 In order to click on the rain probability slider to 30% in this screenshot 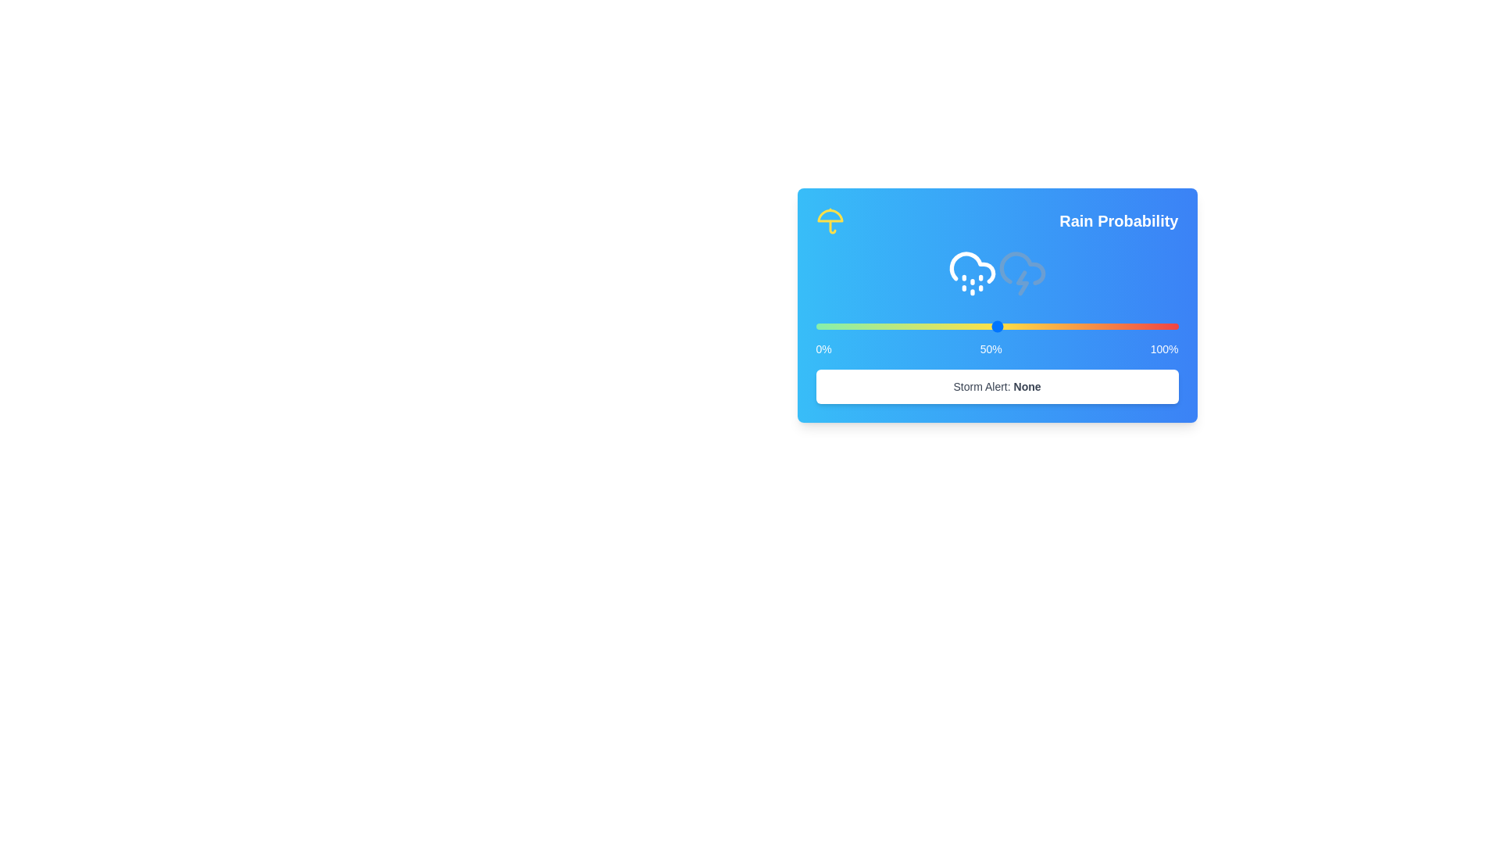, I will do `click(924, 325)`.